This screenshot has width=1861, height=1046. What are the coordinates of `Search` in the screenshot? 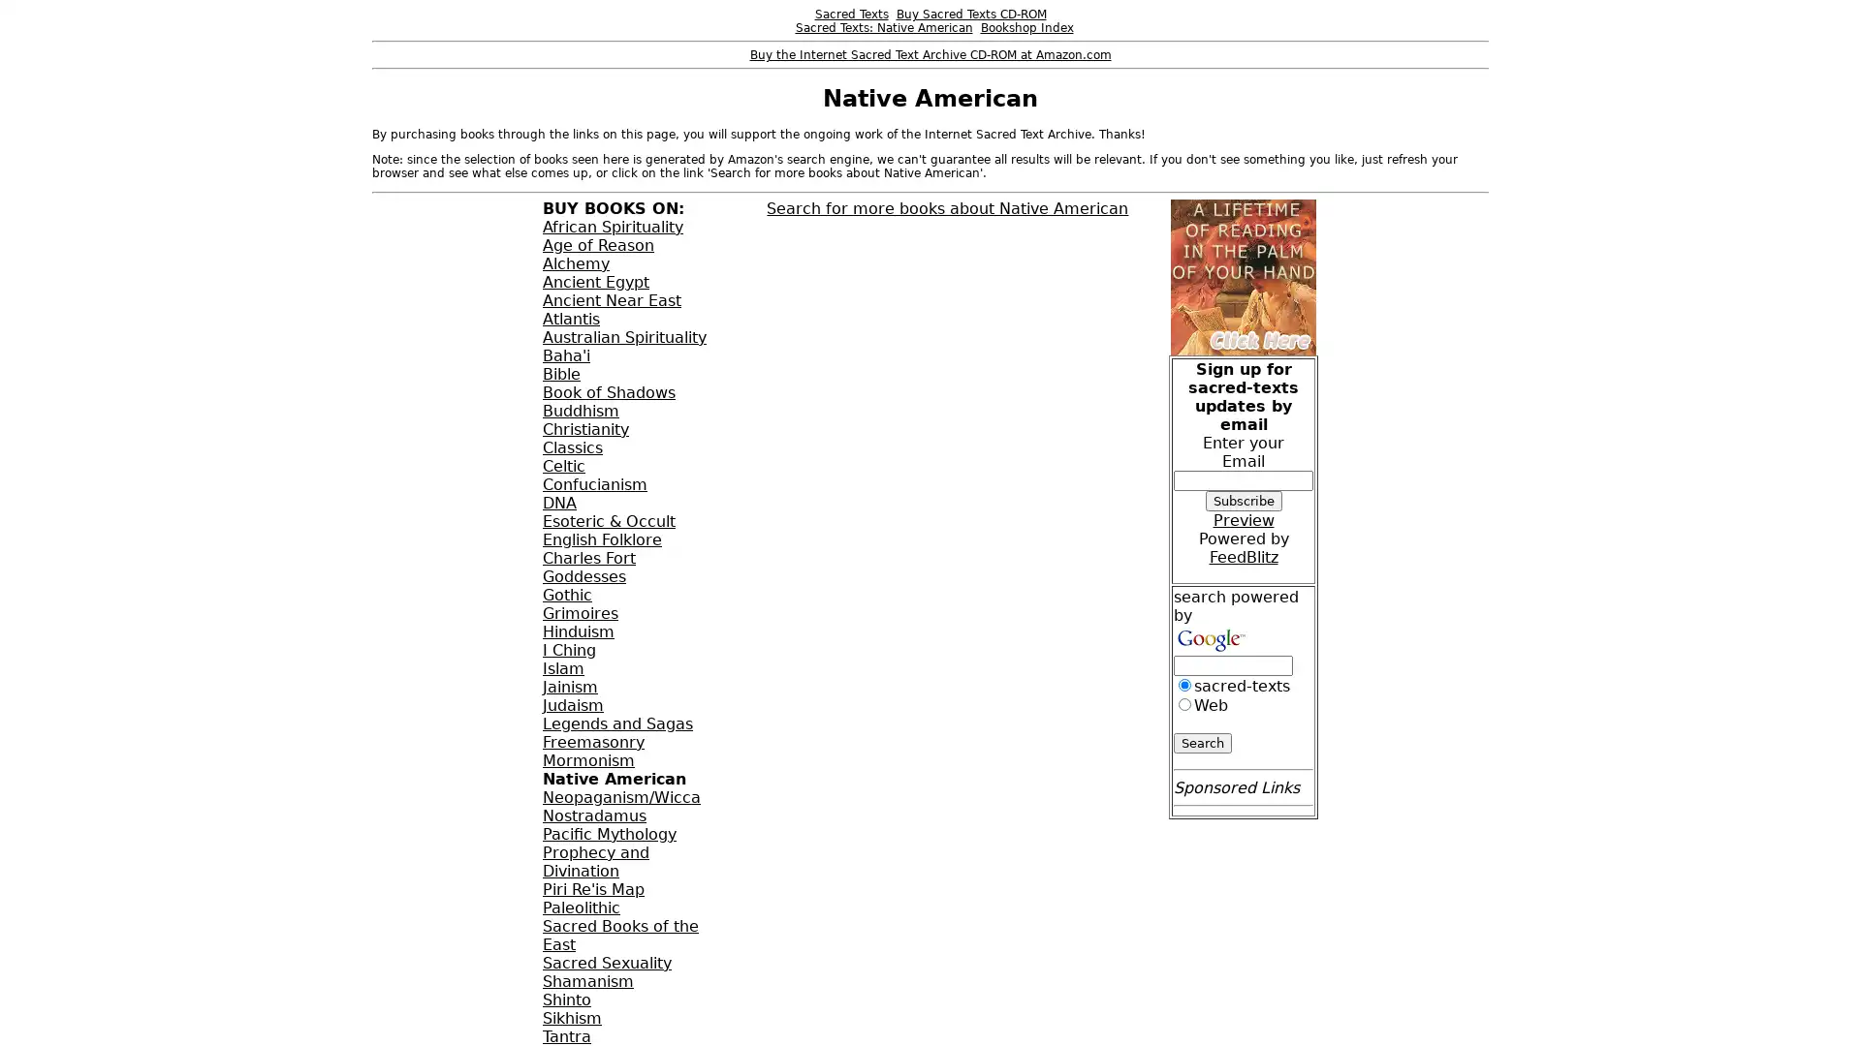 It's located at (1202, 742).